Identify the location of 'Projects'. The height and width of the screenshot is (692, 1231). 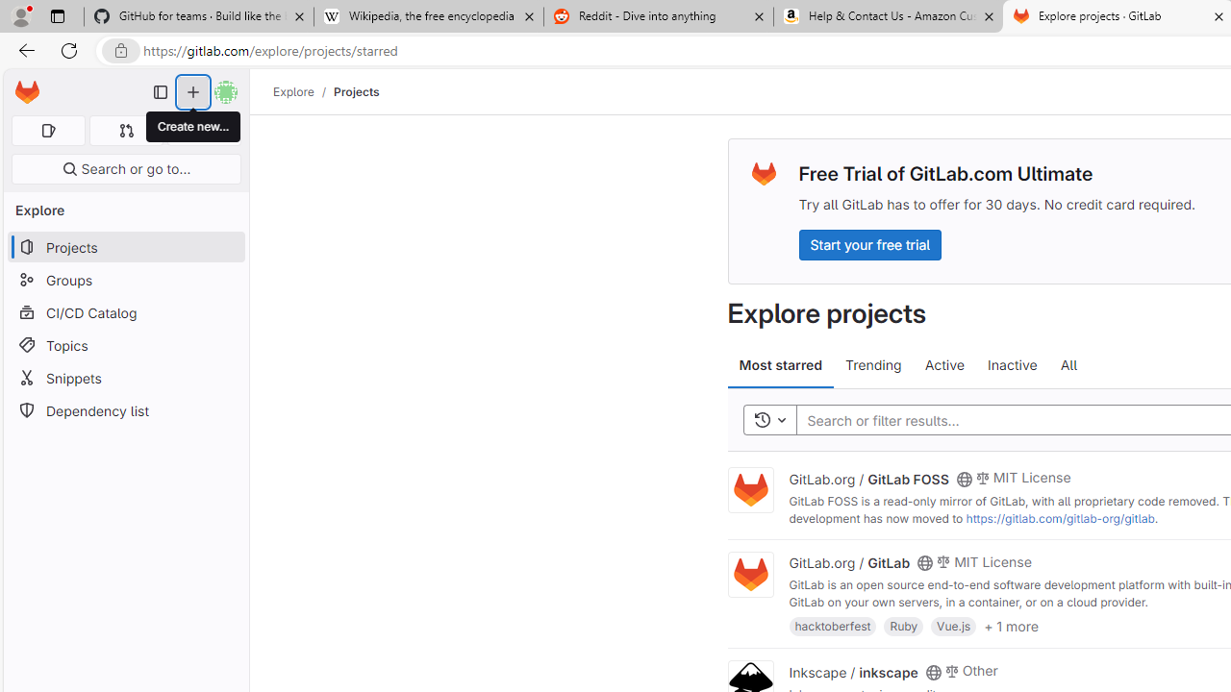
(357, 91).